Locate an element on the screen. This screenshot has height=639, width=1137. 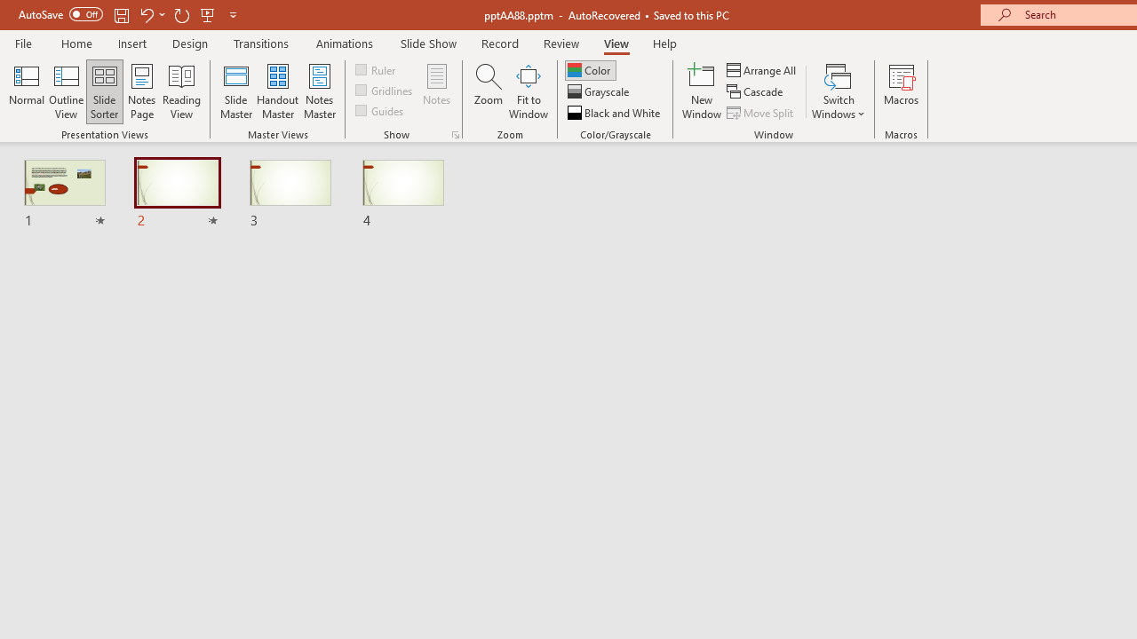
'Handout Master' is located at coordinates (276, 91).